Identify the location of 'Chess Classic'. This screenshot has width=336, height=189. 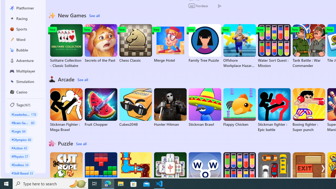
(135, 43).